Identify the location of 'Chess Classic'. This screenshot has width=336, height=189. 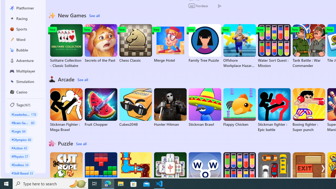
(135, 43).